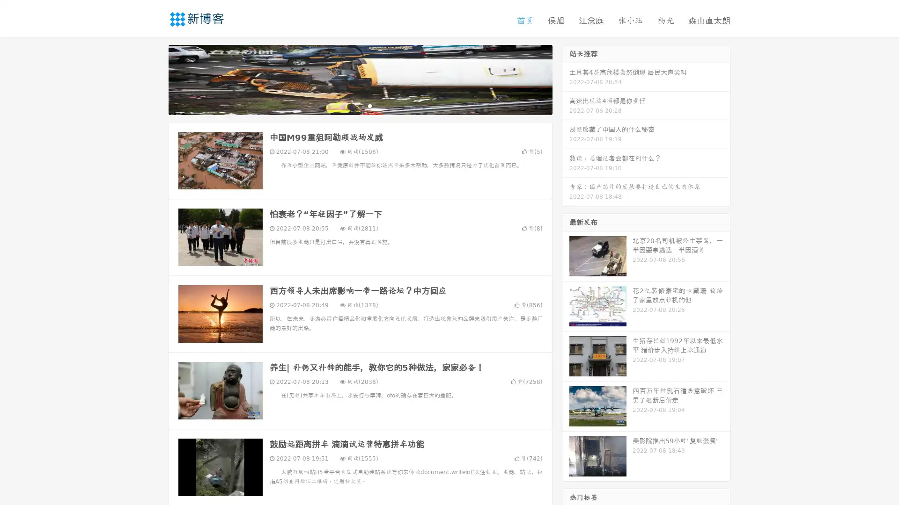 Image resolution: width=899 pixels, height=505 pixels. Describe the element at coordinates (155, 79) in the screenshot. I see `Previous slide` at that location.